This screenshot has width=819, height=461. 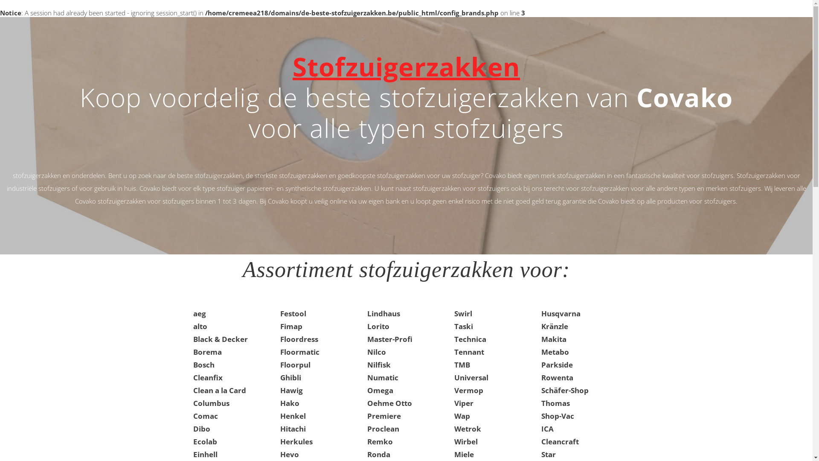 I want to click on 'Hawig', so click(x=291, y=390).